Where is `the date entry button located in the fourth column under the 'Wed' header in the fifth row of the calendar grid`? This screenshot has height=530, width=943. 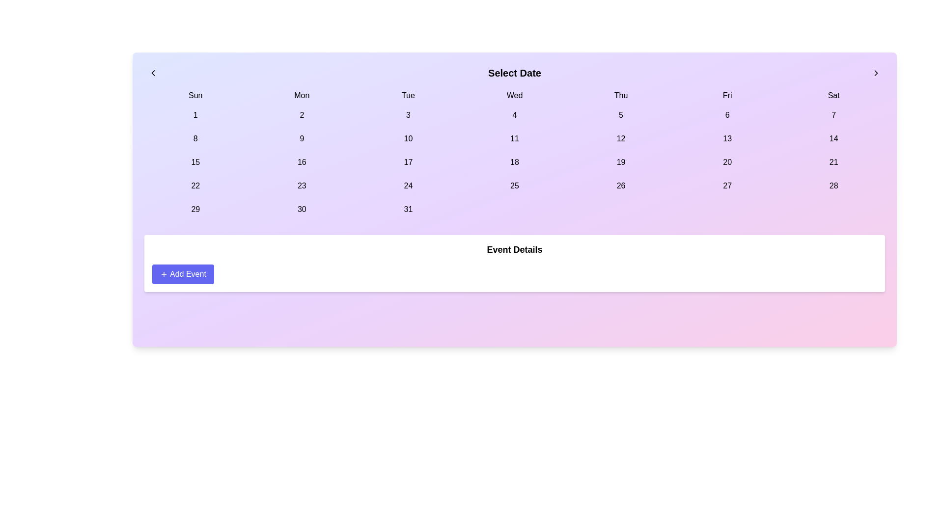 the date entry button located in the fourth column under the 'Wed' header in the fifth row of the calendar grid is located at coordinates (514, 185).